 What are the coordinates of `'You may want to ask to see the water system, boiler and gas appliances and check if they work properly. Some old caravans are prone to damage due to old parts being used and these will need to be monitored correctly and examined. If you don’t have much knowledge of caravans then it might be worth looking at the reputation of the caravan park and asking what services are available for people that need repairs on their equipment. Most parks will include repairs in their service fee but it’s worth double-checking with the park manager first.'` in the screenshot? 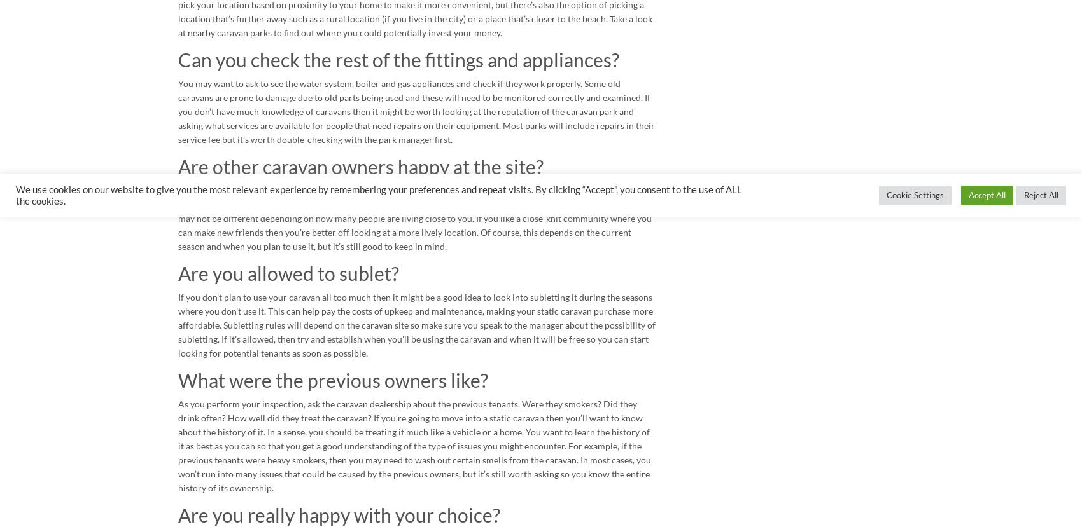 It's located at (416, 111).